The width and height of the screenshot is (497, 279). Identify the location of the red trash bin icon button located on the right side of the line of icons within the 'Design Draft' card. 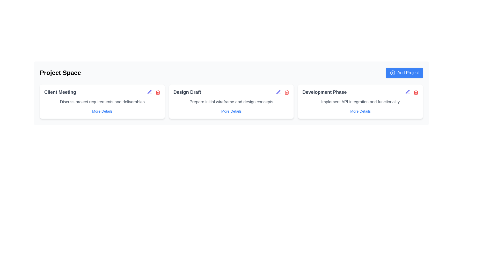
(287, 92).